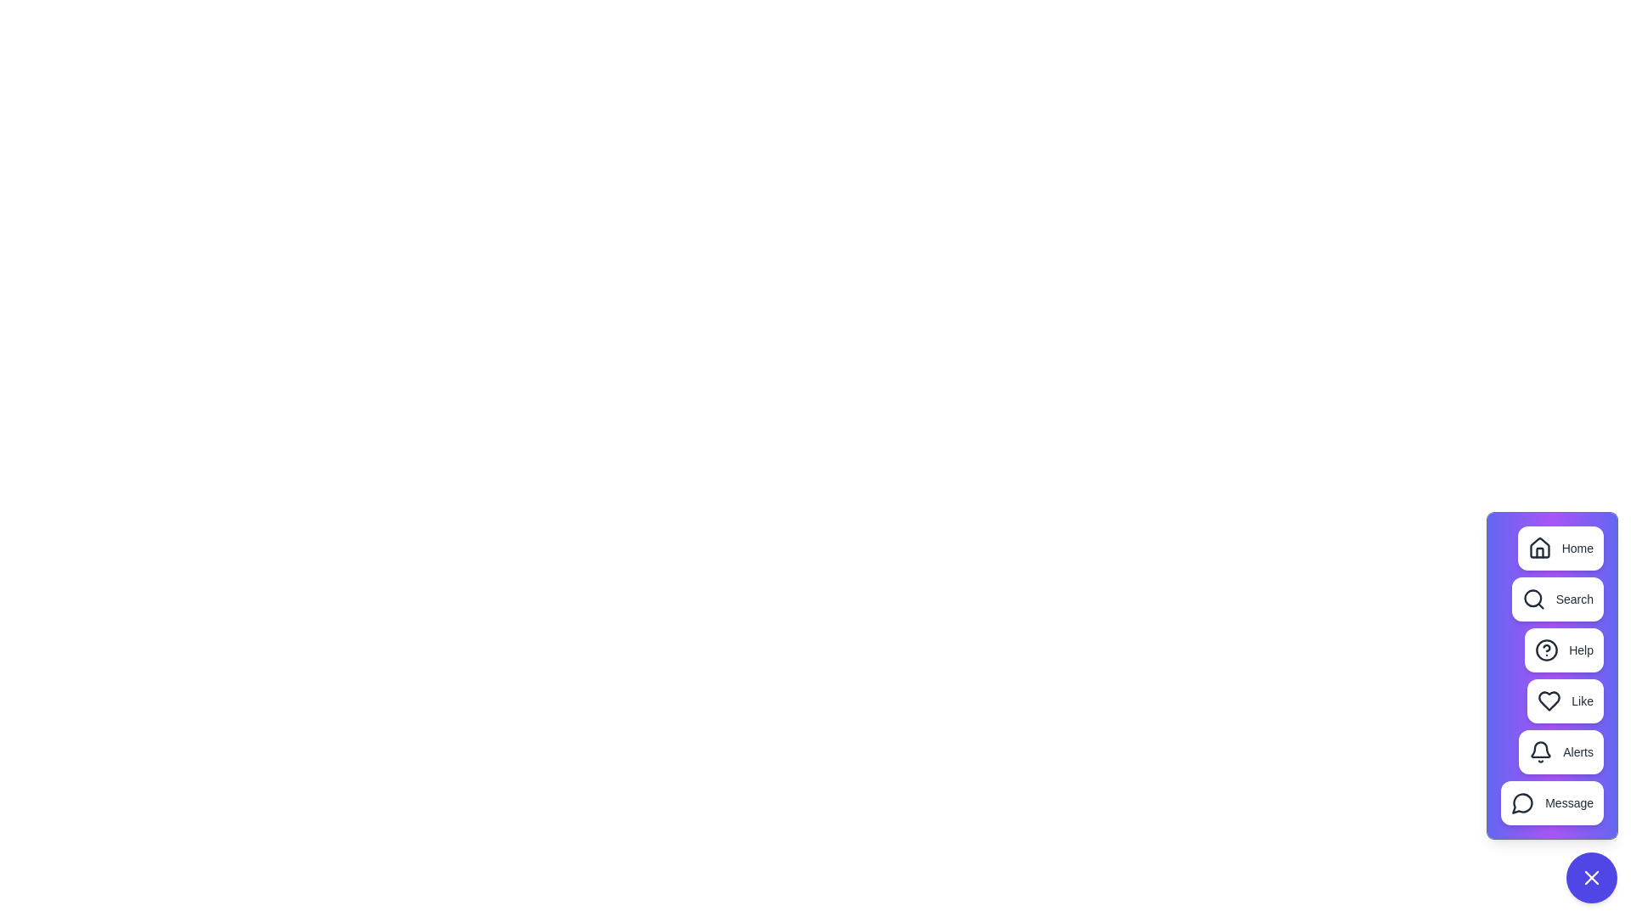 This screenshot has height=917, width=1631. What do you see at coordinates (1565, 700) in the screenshot?
I see `the 'Like' button in the speed dial menu` at bounding box center [1565, 700].